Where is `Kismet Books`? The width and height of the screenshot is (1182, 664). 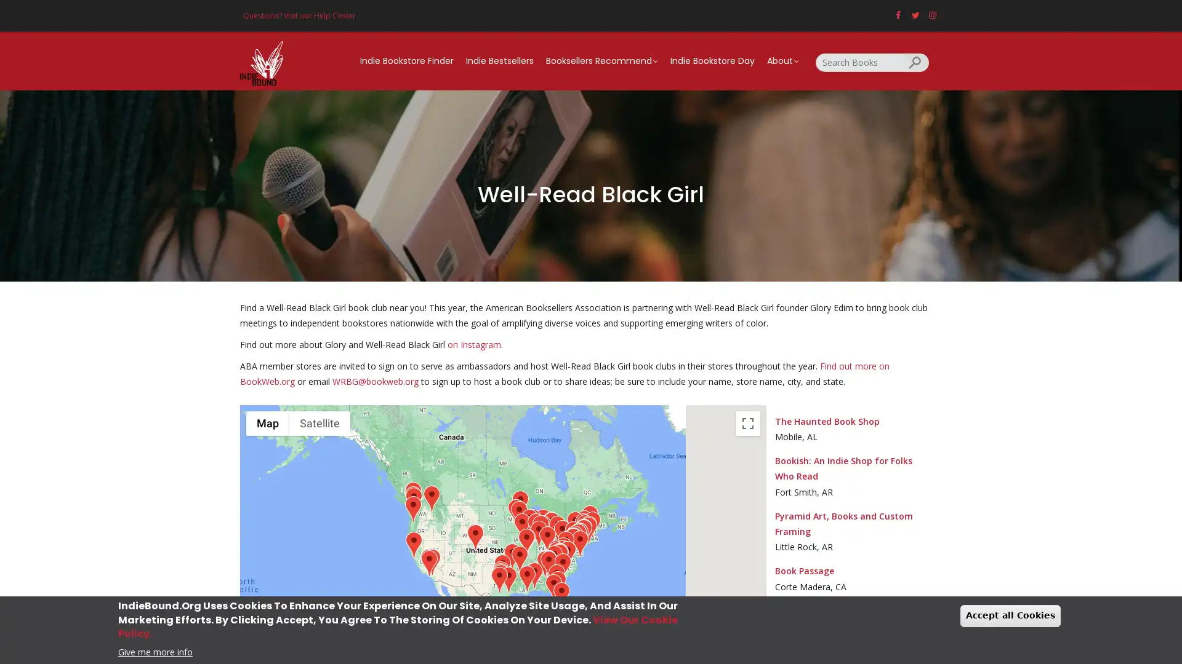
Kismet Books is located at coordinates (529, 521).